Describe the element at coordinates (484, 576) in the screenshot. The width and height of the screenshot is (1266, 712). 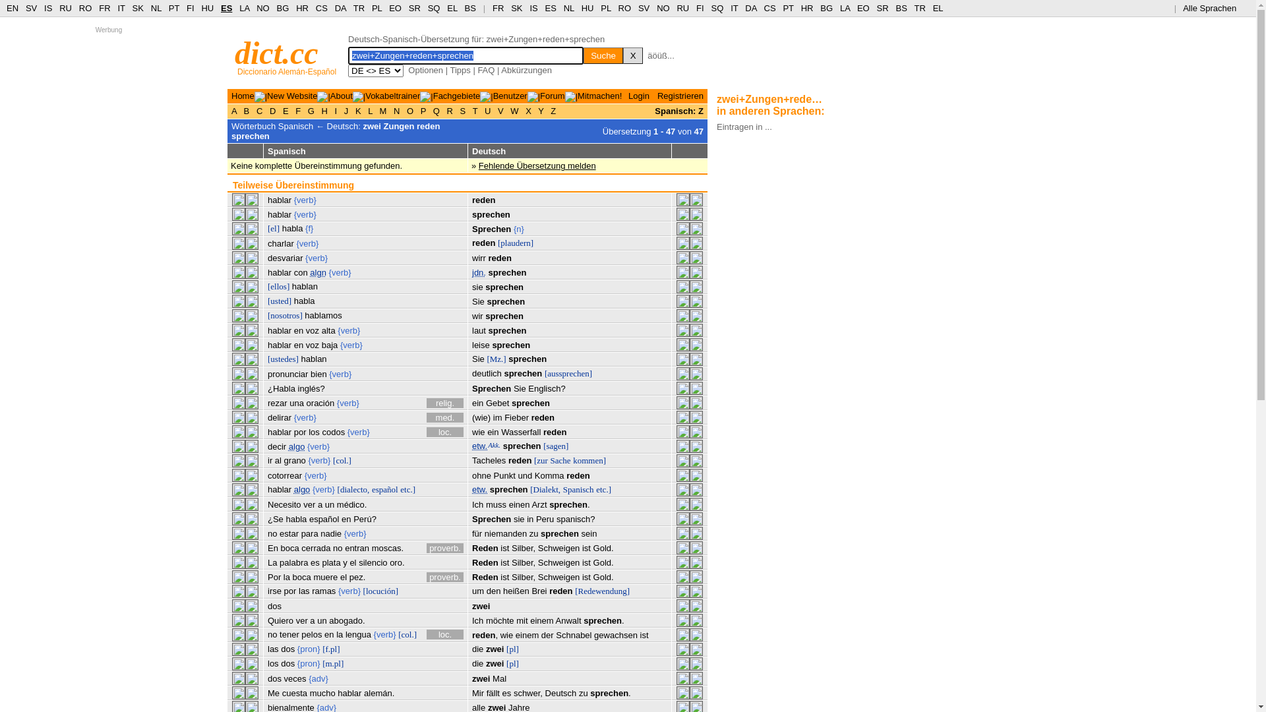
I see `'Reden'` at that location.